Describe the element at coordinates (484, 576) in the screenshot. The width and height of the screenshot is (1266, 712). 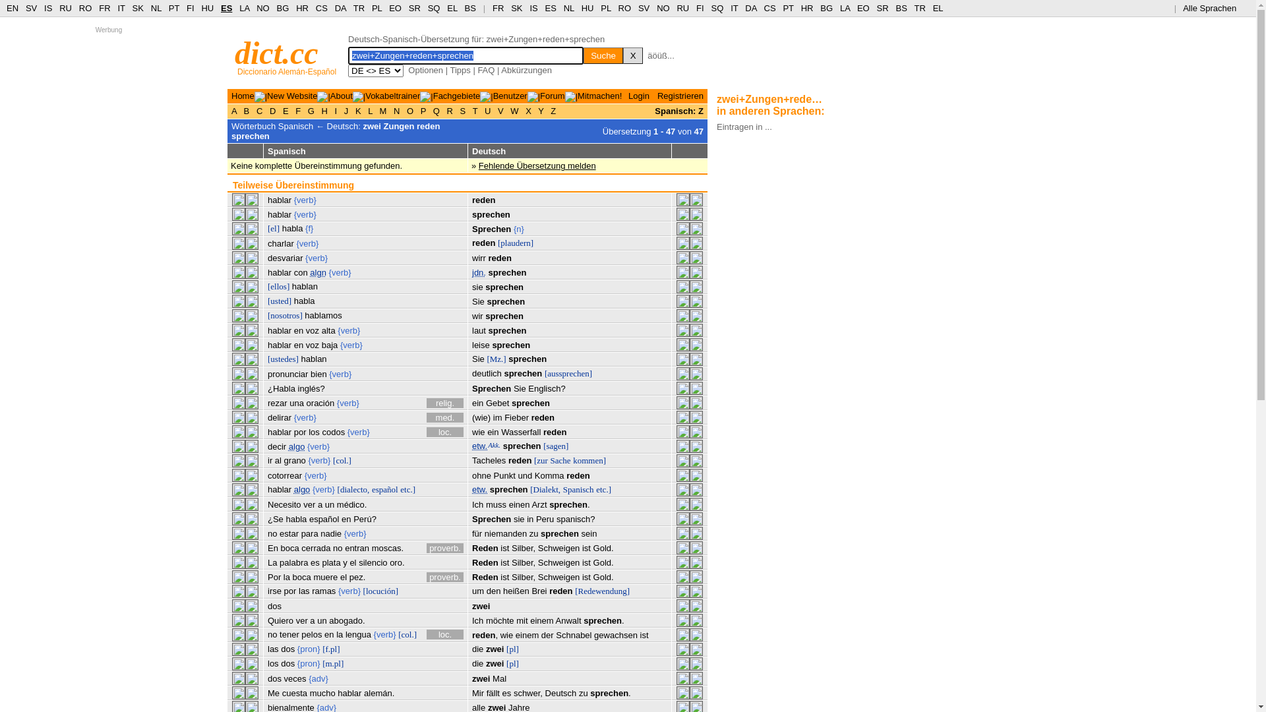
I see `'Reden'` at that location.